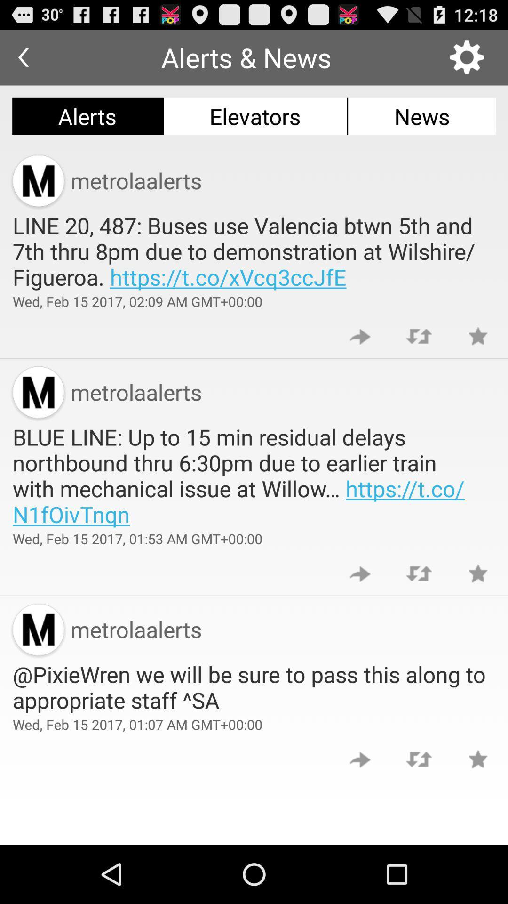 The height and width of the screenshot is (904, 508). Describe the element at coordinates (255, 116) in the screenshot. I see `the app above the metrolaalerts item` at that location.